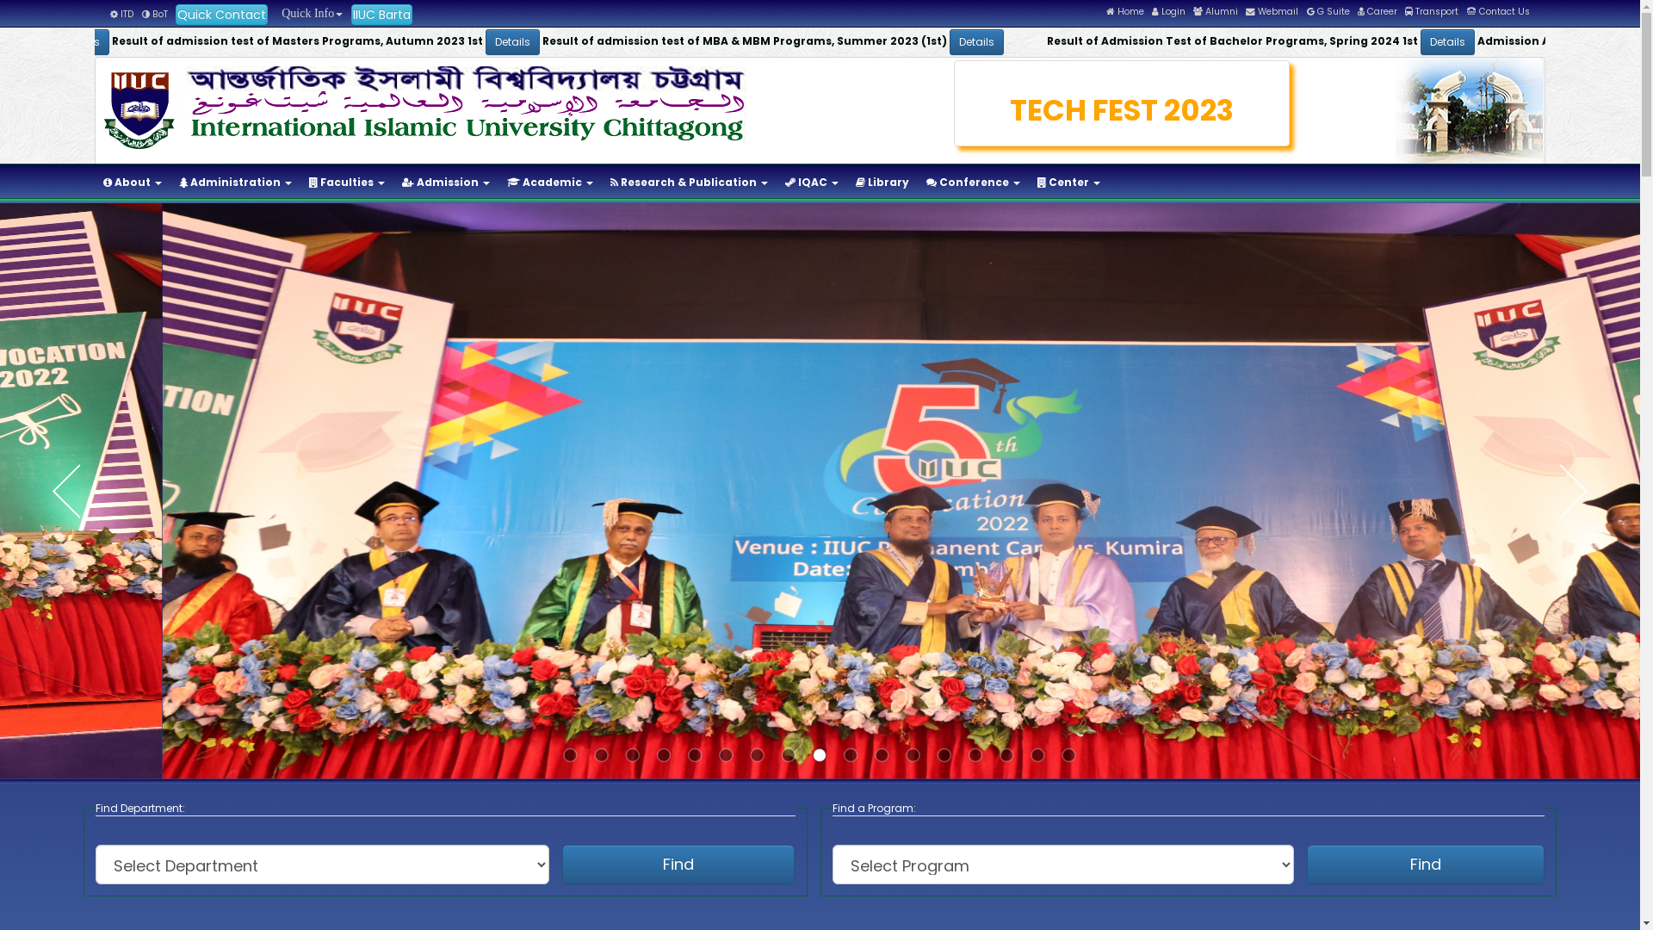 Image resolution: width=1653 pixels, height=930 pixels. I want to click on 'Alumni', so click(1214, 11).